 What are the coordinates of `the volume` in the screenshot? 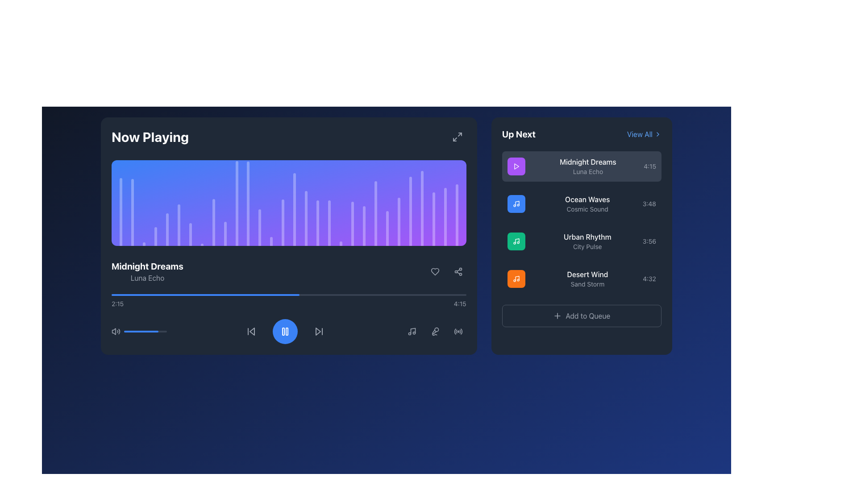 It's located at (145, 332).